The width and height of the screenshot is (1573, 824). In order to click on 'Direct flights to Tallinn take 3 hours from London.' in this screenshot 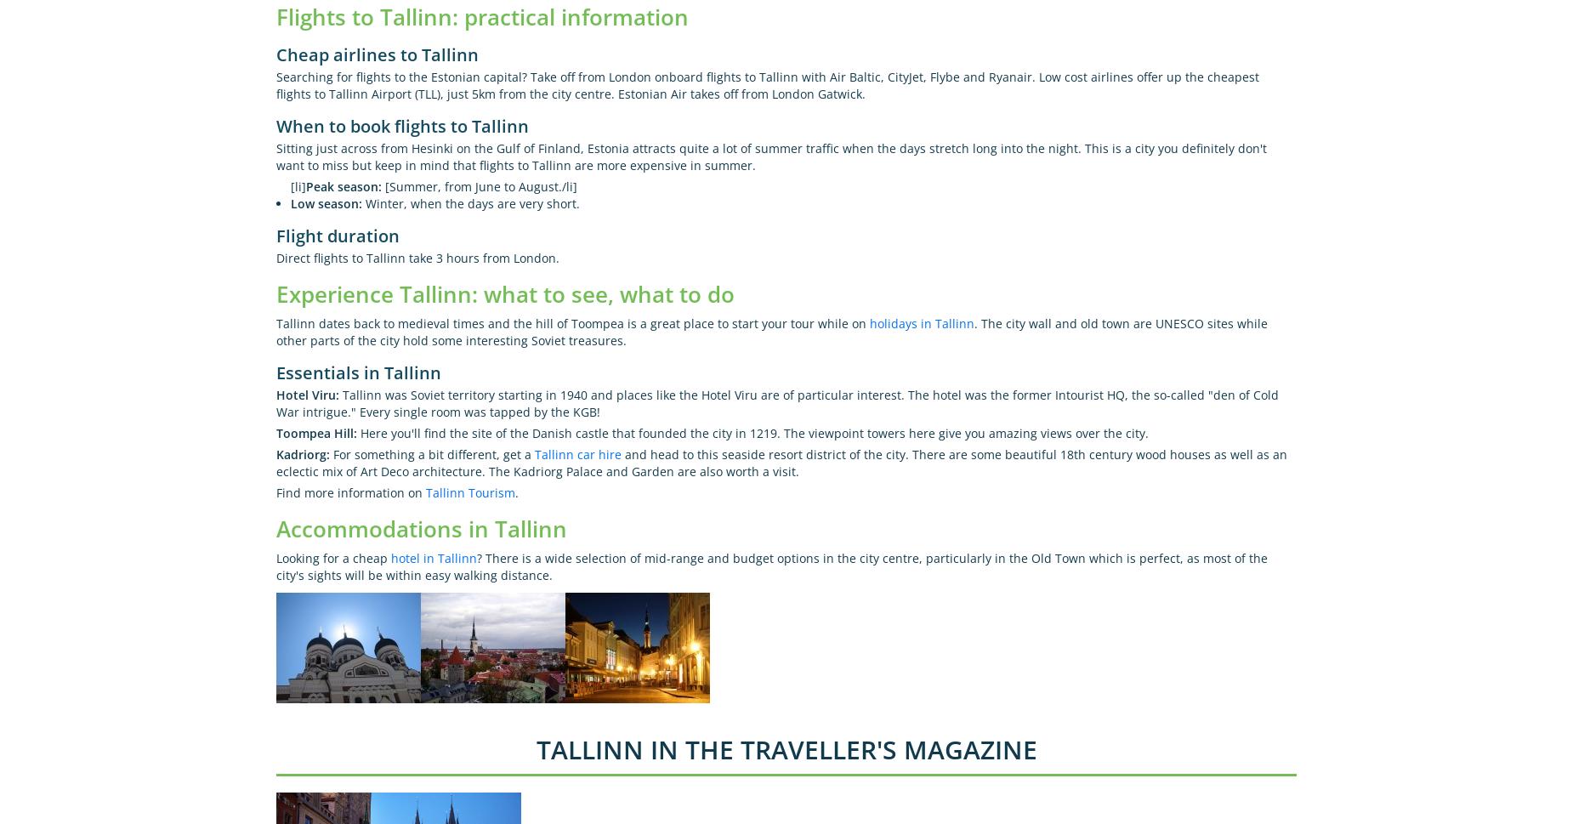, I will do `click(417, 257)`.